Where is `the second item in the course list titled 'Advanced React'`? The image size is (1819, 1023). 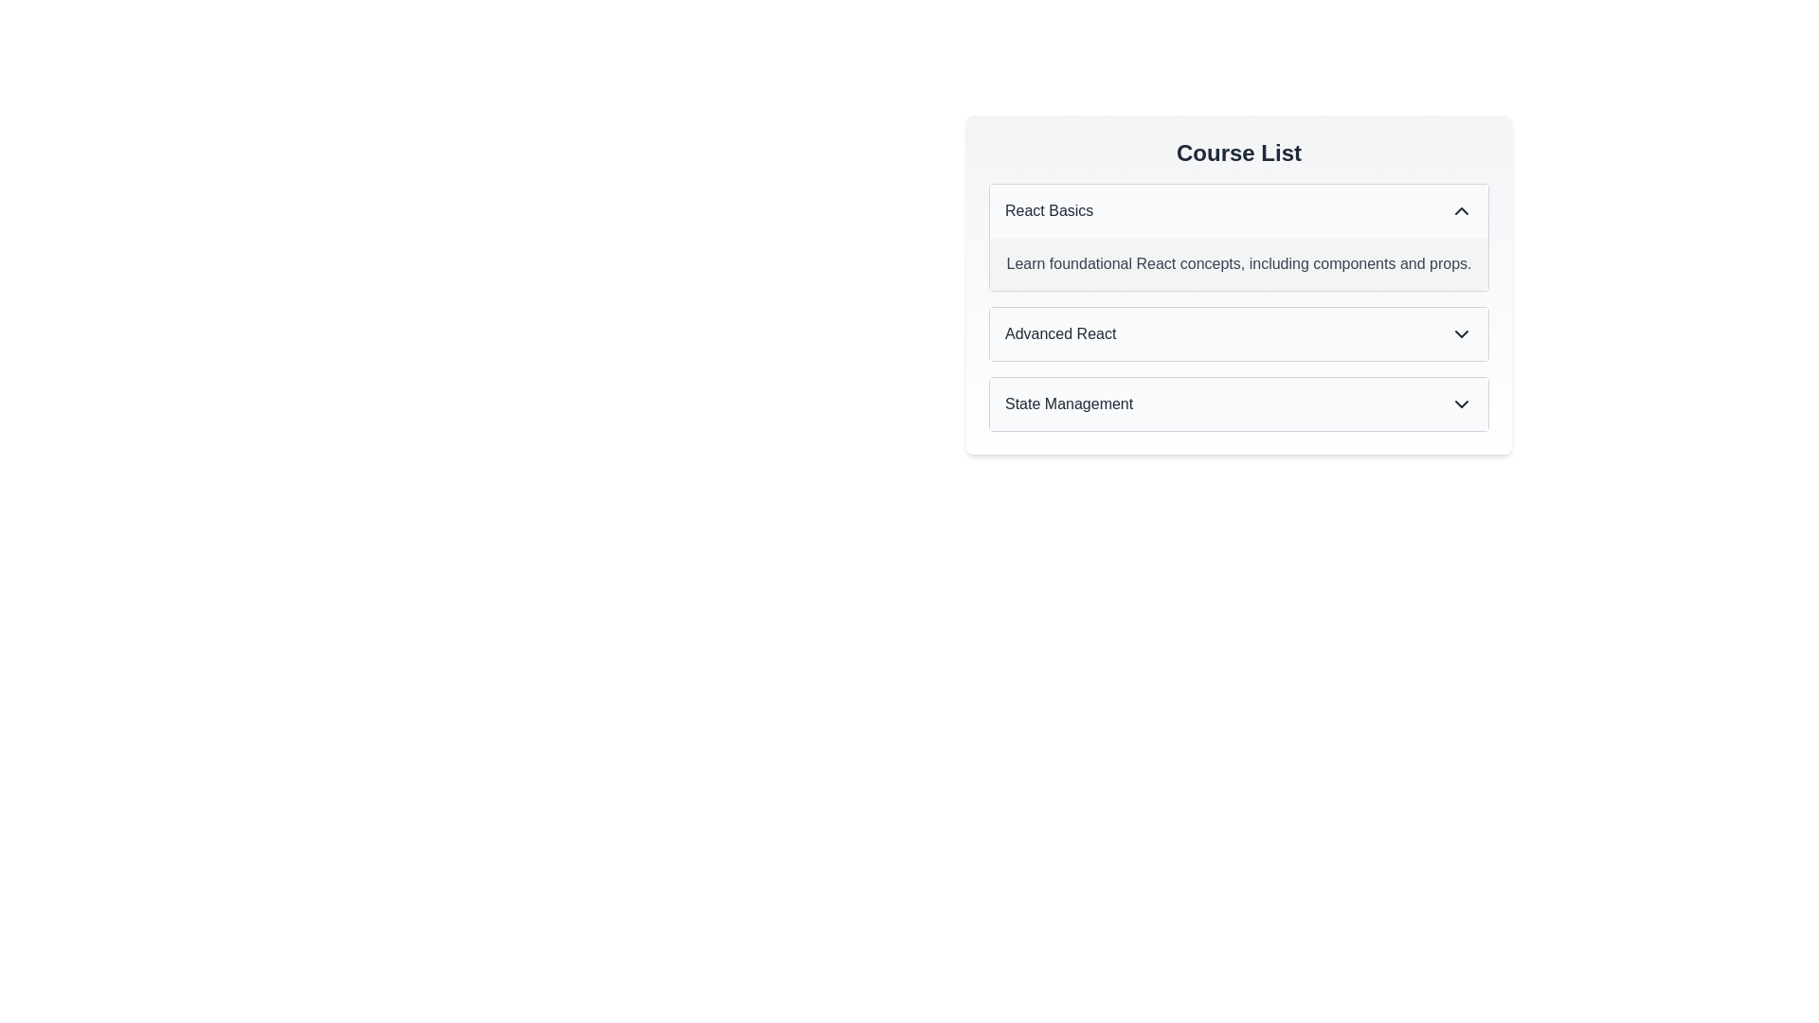
the second item in the course list titled 'Advanced React' is located at coordinates (1239, 333).